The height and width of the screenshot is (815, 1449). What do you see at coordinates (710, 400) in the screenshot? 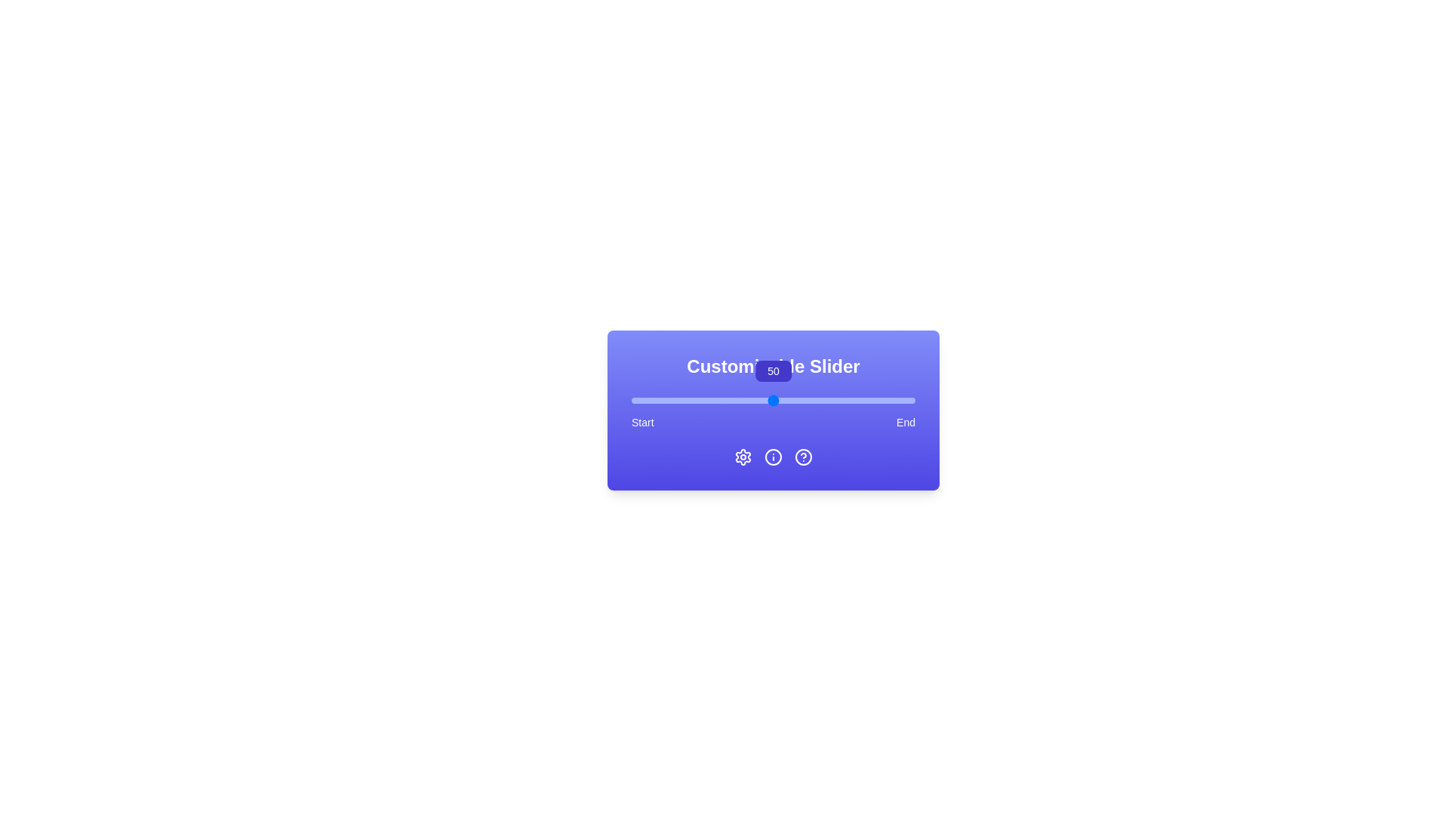
I see `the slider to set the value to 28` at bounding box center [710, 400].